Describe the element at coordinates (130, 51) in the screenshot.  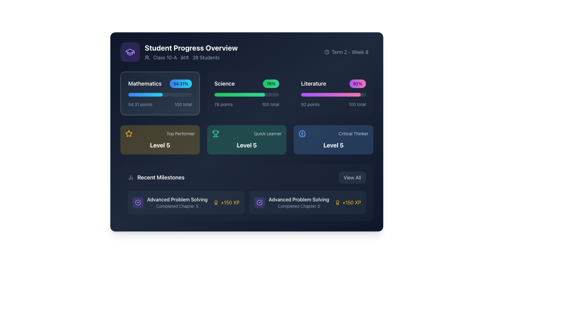
I see `the graduation cap icon, which is a stylized SVG element with a polygonal shape and tassel detail located on the top-left side of the interface` at that location.